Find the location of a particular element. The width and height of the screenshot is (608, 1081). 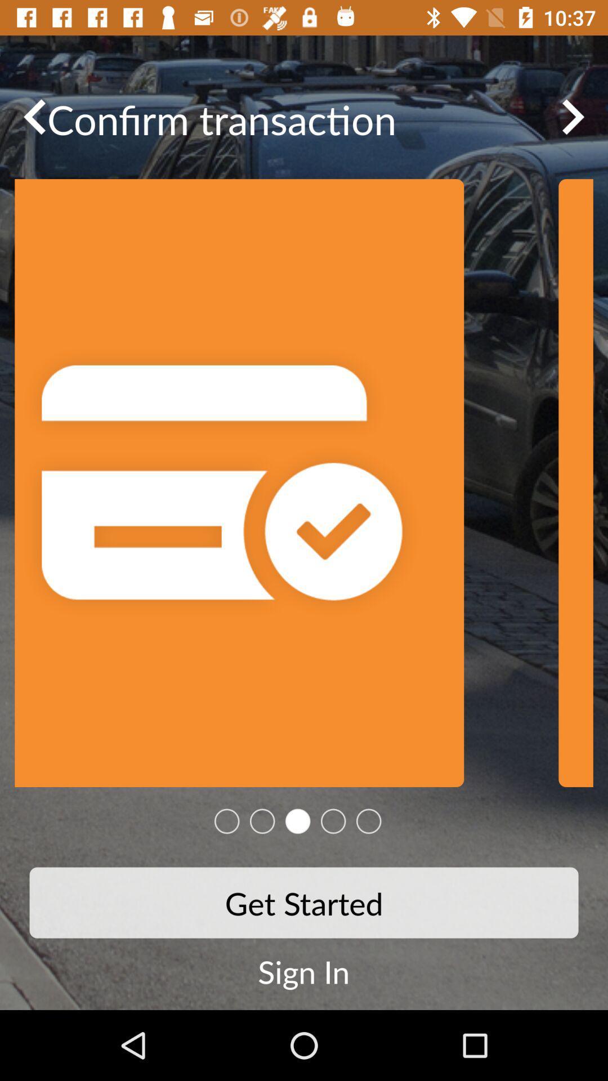

the arrow_forward icon is located at coordinates (573, 117).